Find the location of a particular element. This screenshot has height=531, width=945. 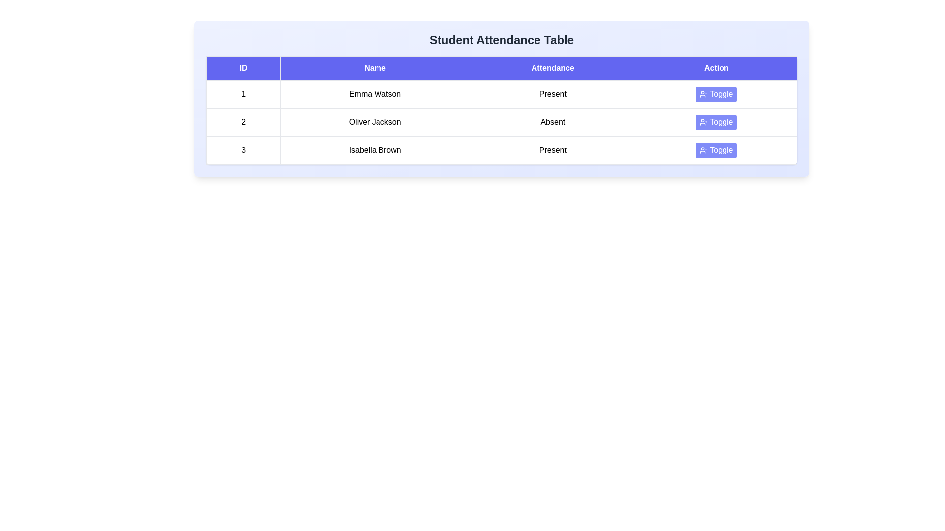

the toggle button in the last column of the first row in the 'Student Attendance Table' to interact via keyboard is located at coordinates (716, 94).